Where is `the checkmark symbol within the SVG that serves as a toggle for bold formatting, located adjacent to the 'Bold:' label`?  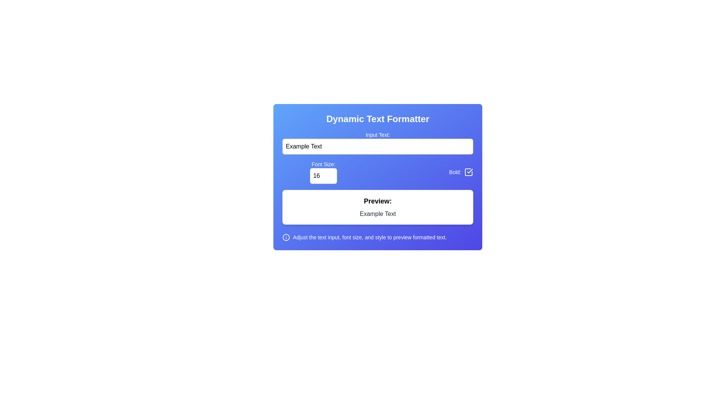
the checkmark symbol within the SVG that serves as a toggle for bold formatting, located adjacent to the 'Bold:' label is located at coordinates (469, 171).